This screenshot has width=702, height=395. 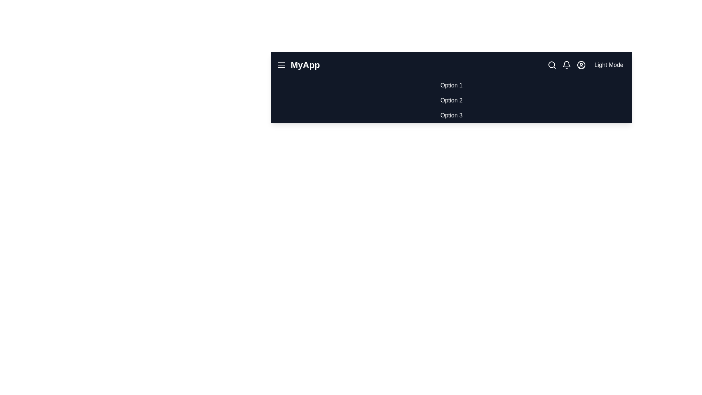 I want to click on the menu icon to toggle the menu visibility, so click(x=281, y=64).